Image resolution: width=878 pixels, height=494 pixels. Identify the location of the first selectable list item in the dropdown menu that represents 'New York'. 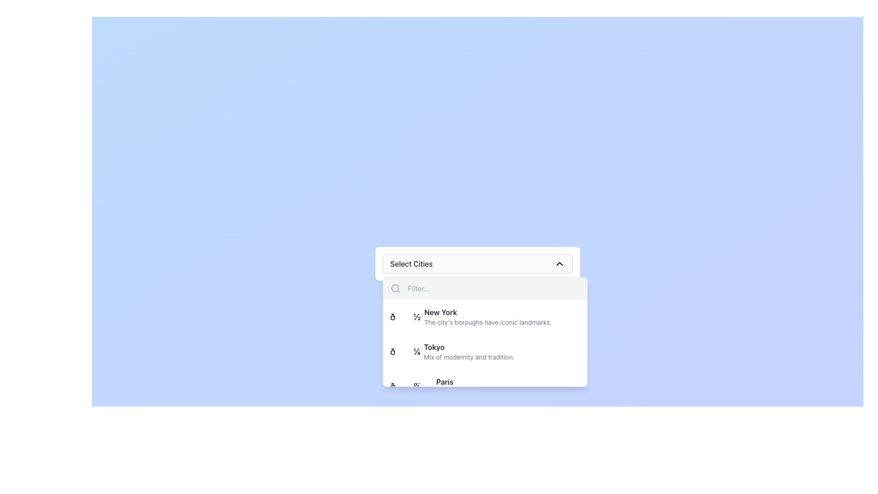
(484, 317).